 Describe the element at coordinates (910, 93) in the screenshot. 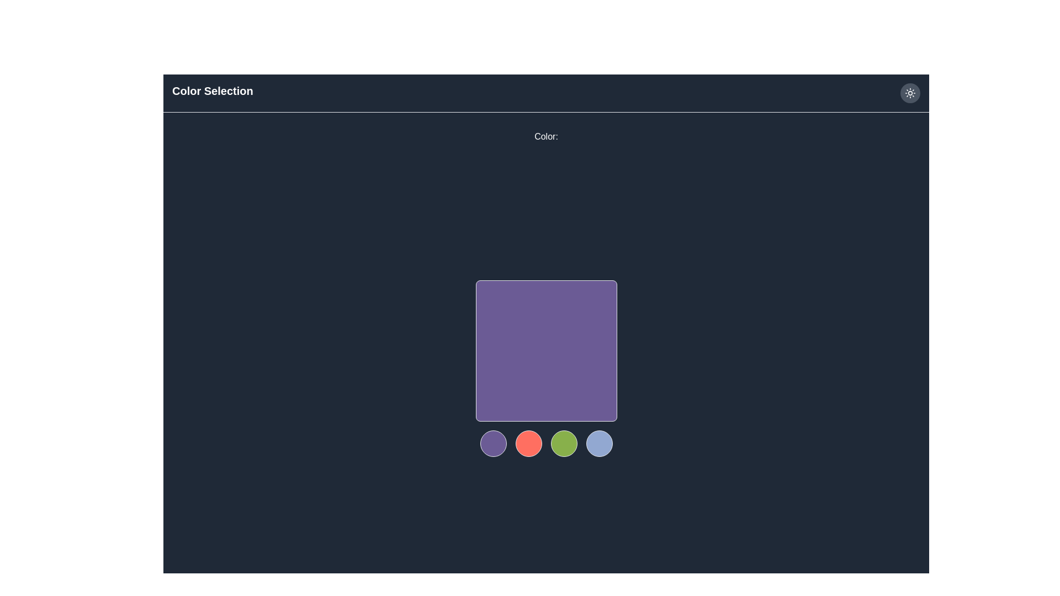

I see `the interactive button located at the far right of the top bar, near the 'Color Selection' text` at that location.